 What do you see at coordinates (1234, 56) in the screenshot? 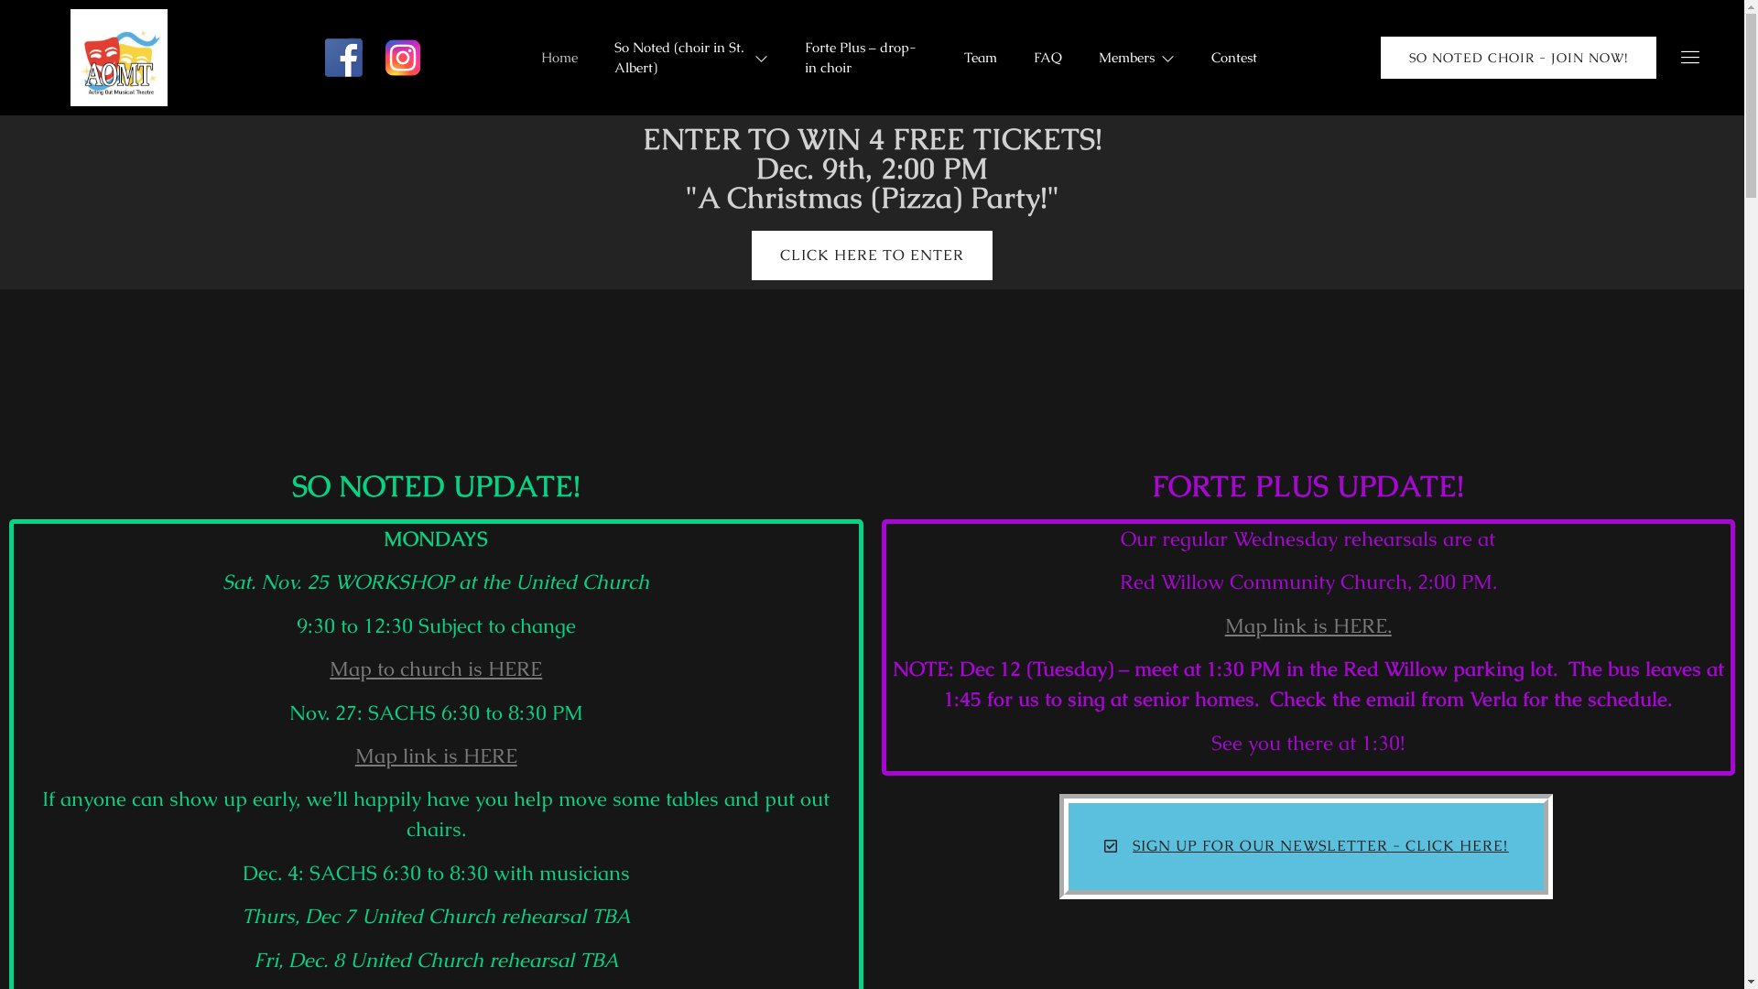
I see `'Contest'` at bounding box center [1234, 56].